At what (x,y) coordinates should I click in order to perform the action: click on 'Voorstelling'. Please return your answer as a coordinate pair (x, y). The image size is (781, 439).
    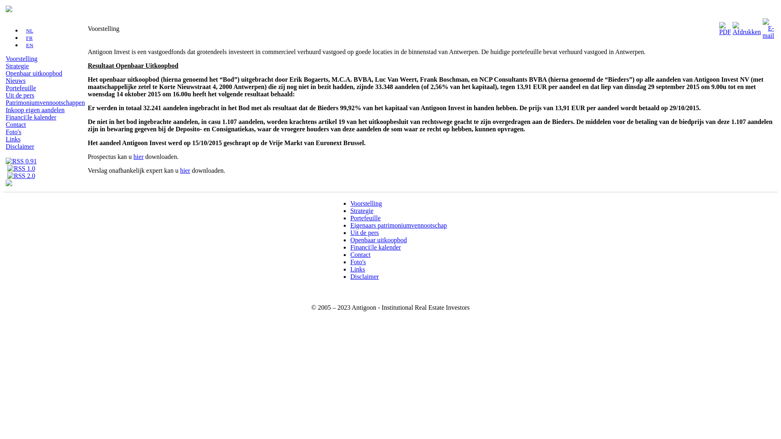
    Looking at the image, I should click on (21, 58).